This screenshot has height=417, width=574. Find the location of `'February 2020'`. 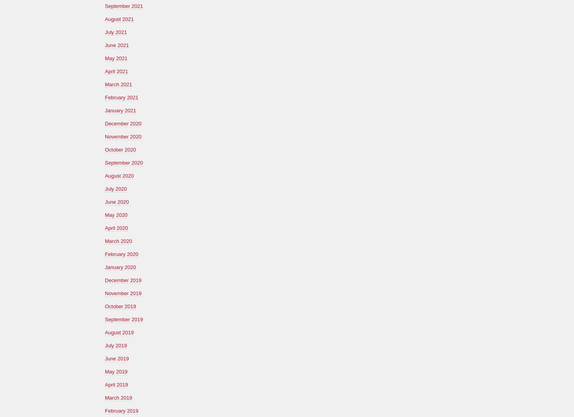

'February 2020' is located at coordinates (121, 254).